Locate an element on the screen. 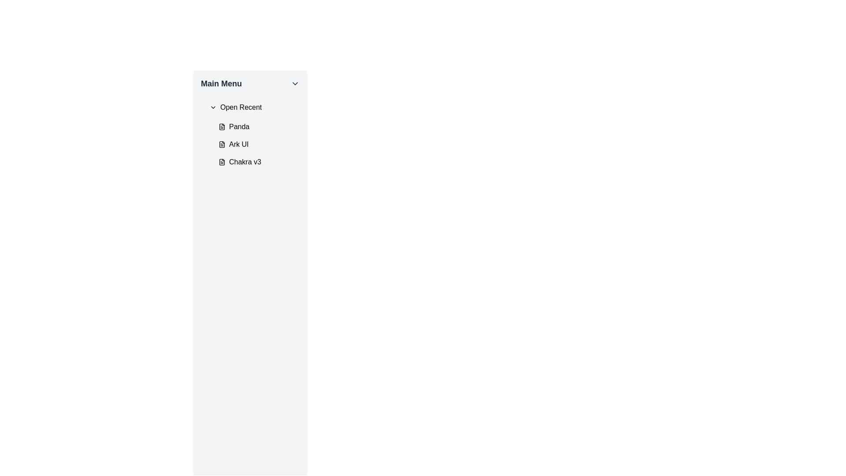 The image size is (846, 476). the 'Chakra v3' menu option in the 'Open Recent' section of the Main Menu sidebar is located at coordinates (260, 162).